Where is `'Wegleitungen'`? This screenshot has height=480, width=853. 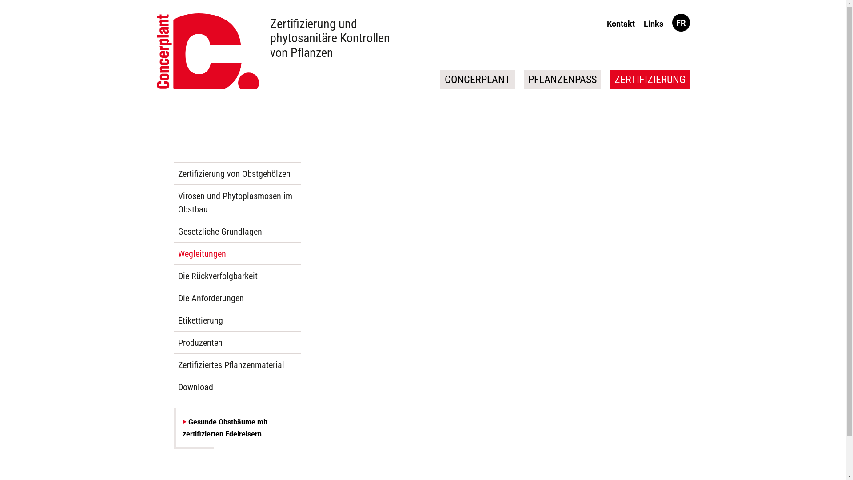
'Wegleitungen' is located at coordinates (236, 253).